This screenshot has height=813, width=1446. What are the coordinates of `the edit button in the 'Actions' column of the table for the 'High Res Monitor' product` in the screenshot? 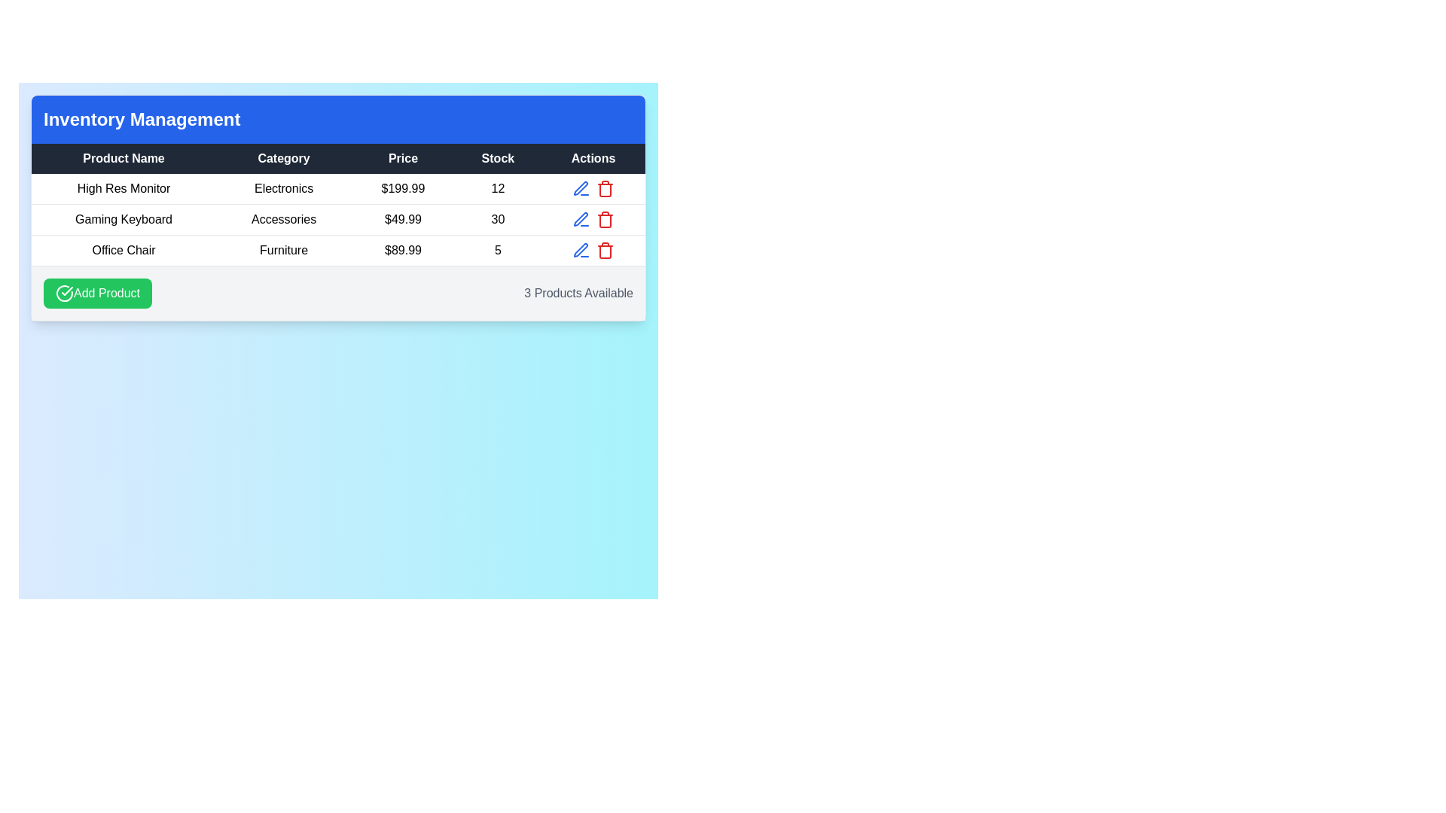 It's located at (581, 187).